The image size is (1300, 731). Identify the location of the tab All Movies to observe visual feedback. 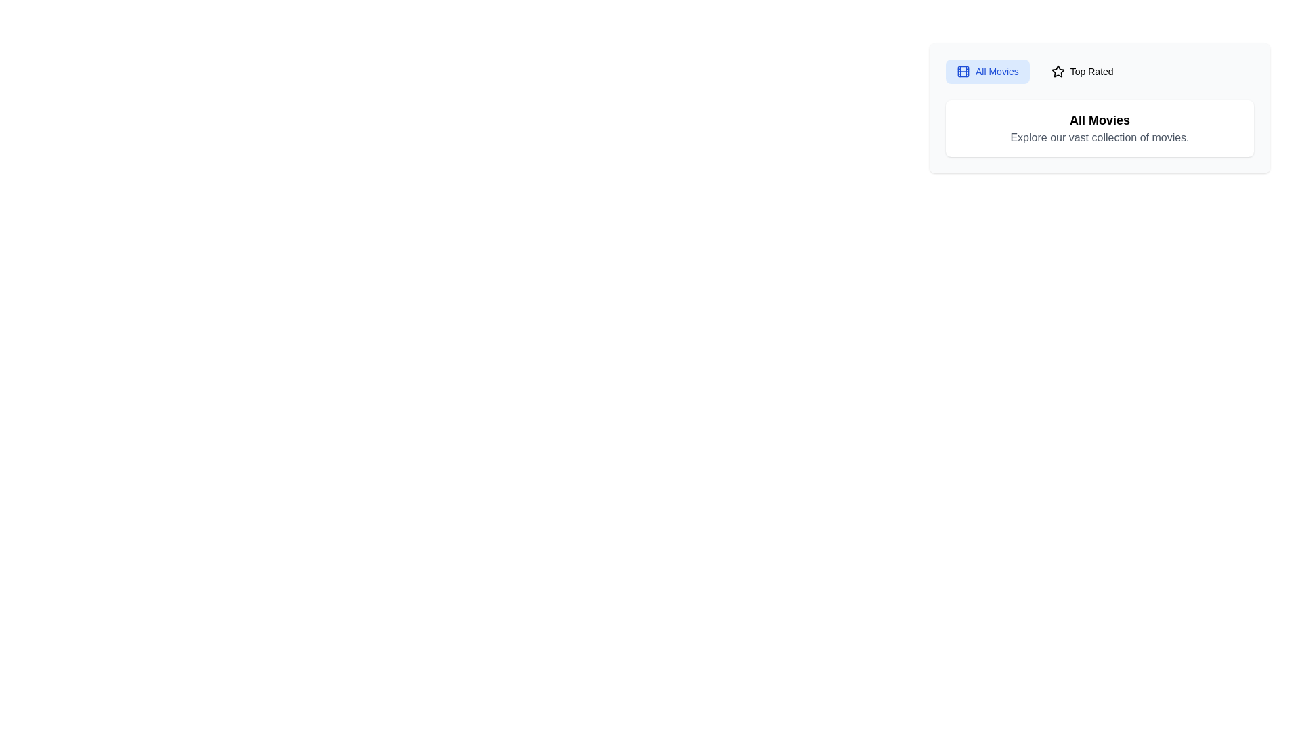
(987, 71).